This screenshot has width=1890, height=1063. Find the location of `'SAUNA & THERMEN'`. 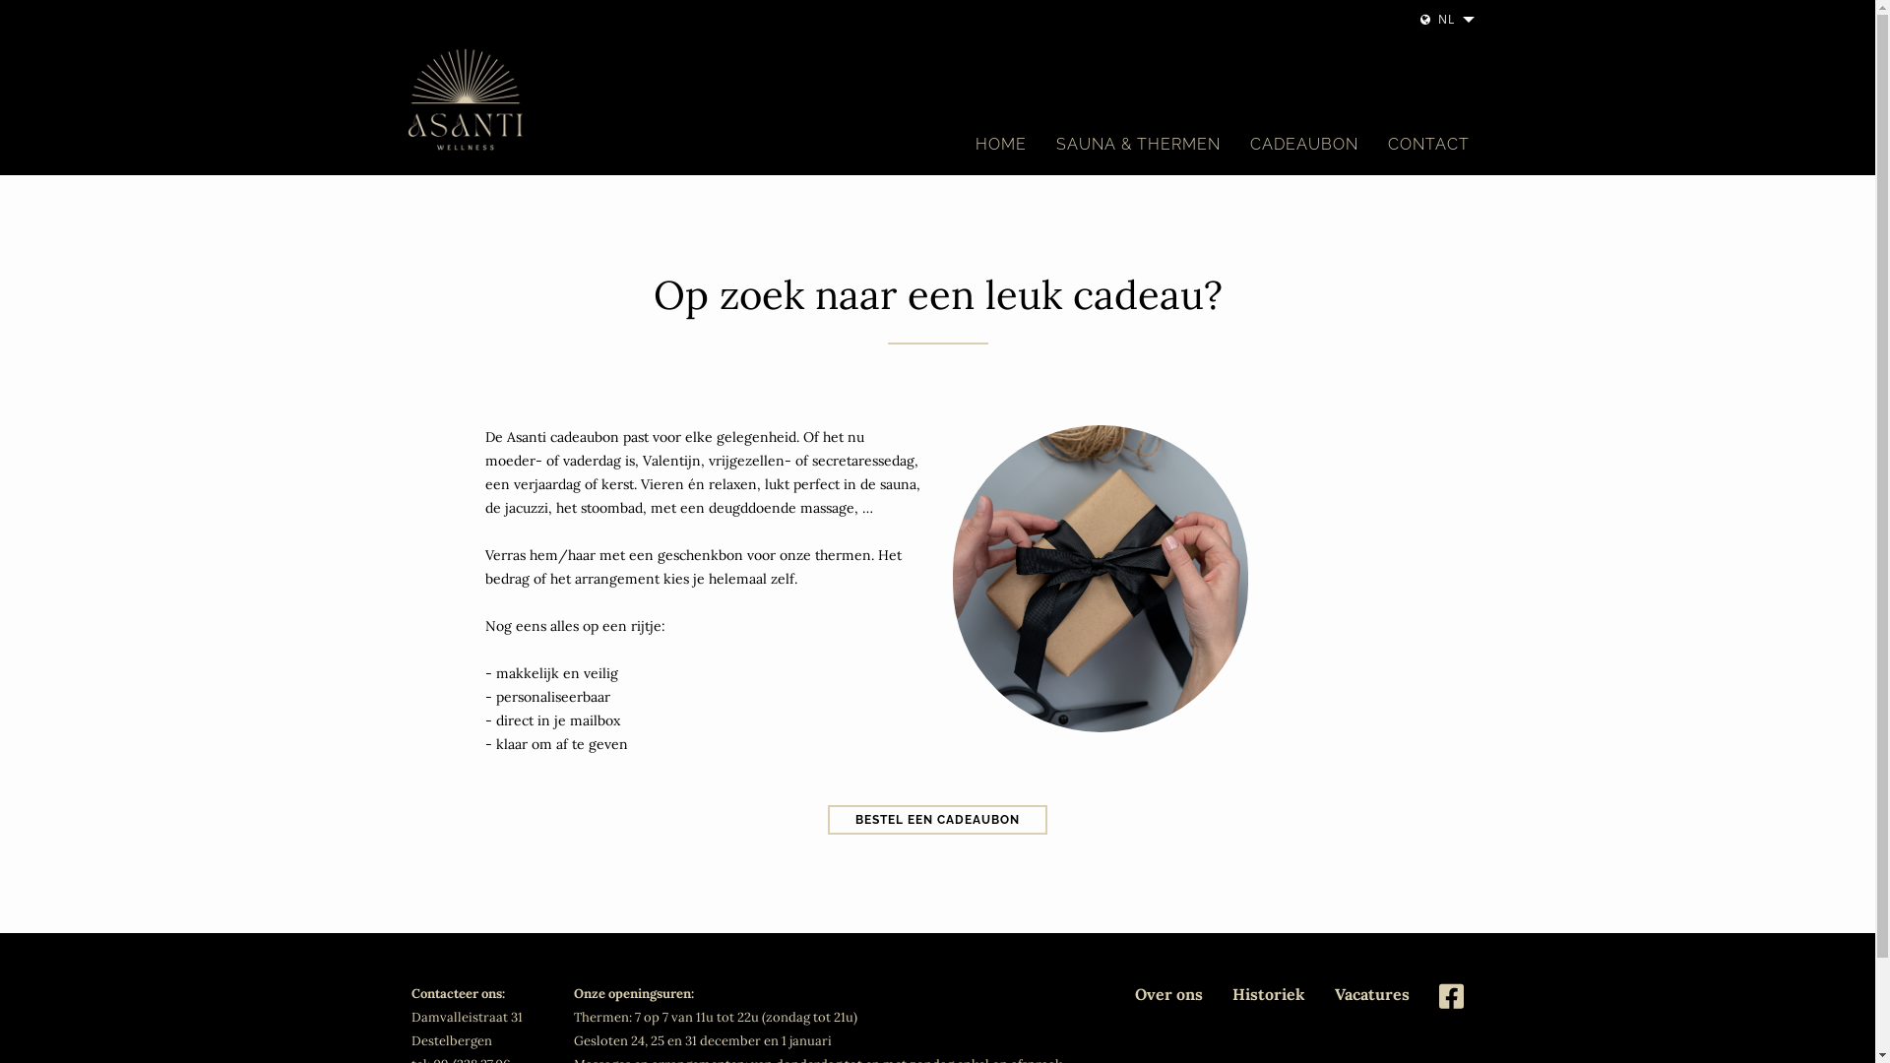

'SAUNA & THERMEN' is located at coordinates (1138, 143).